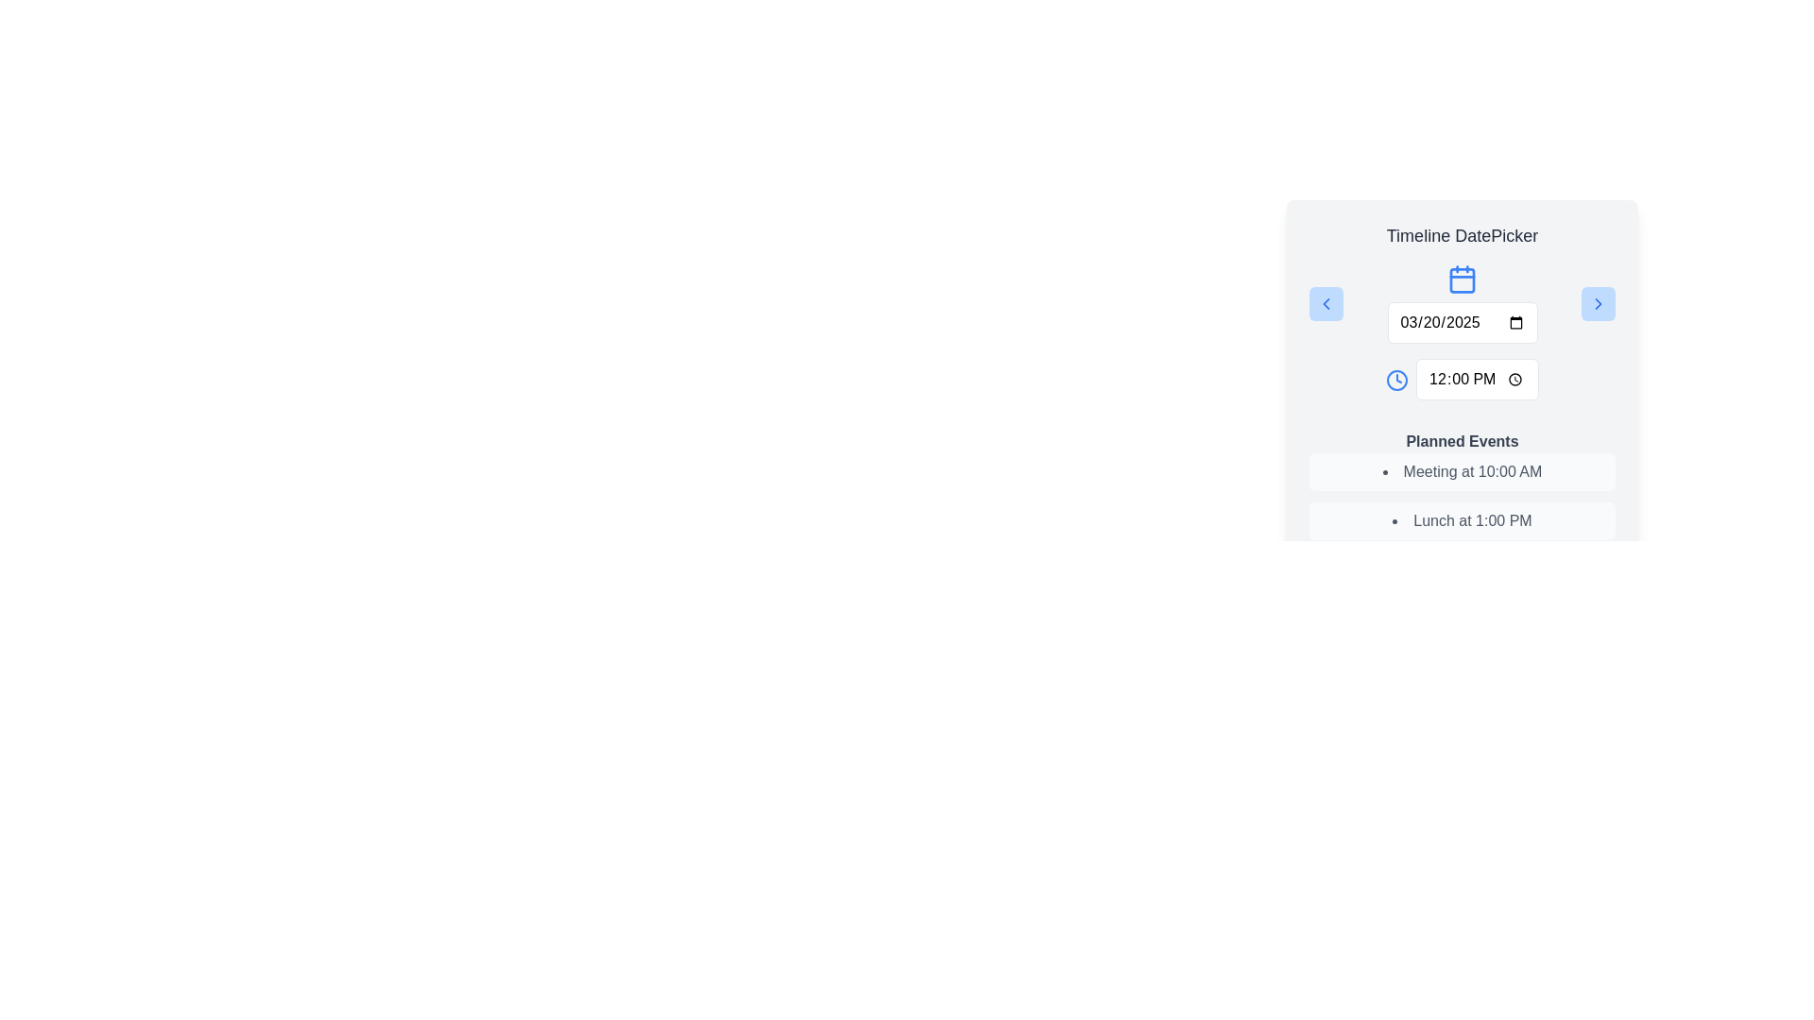 This screenshot has width=1814, height=1020. I want to click on the circular blue button with a left-facing arrow chevron located to the left of the date field in the date picker header, so click(1325, 302).